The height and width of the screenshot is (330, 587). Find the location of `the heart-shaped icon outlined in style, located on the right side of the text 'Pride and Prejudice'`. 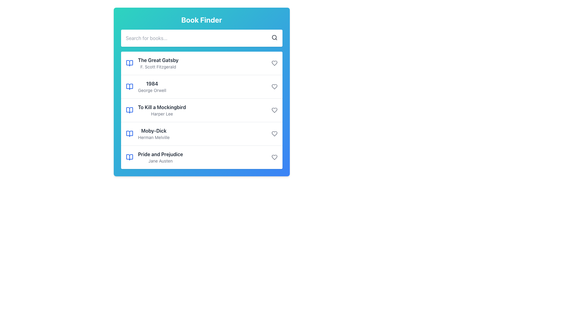

the heart-shaped icon outlined in style, located on the right side of the text 'Pride and Prejudice' is located at coordinates (274, 157).